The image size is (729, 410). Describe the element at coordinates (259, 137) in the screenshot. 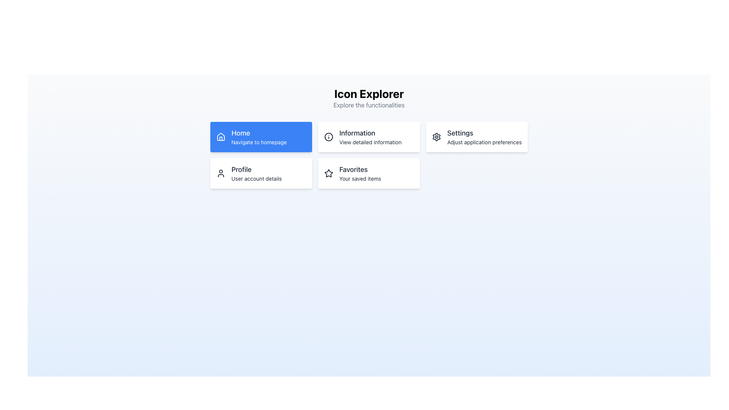

I see `the 'Home' button that features bold text 'Home' and smaller text 'Navigate to homepage', located on a blue rounded rectangular background near the top left of the interface` at that location.